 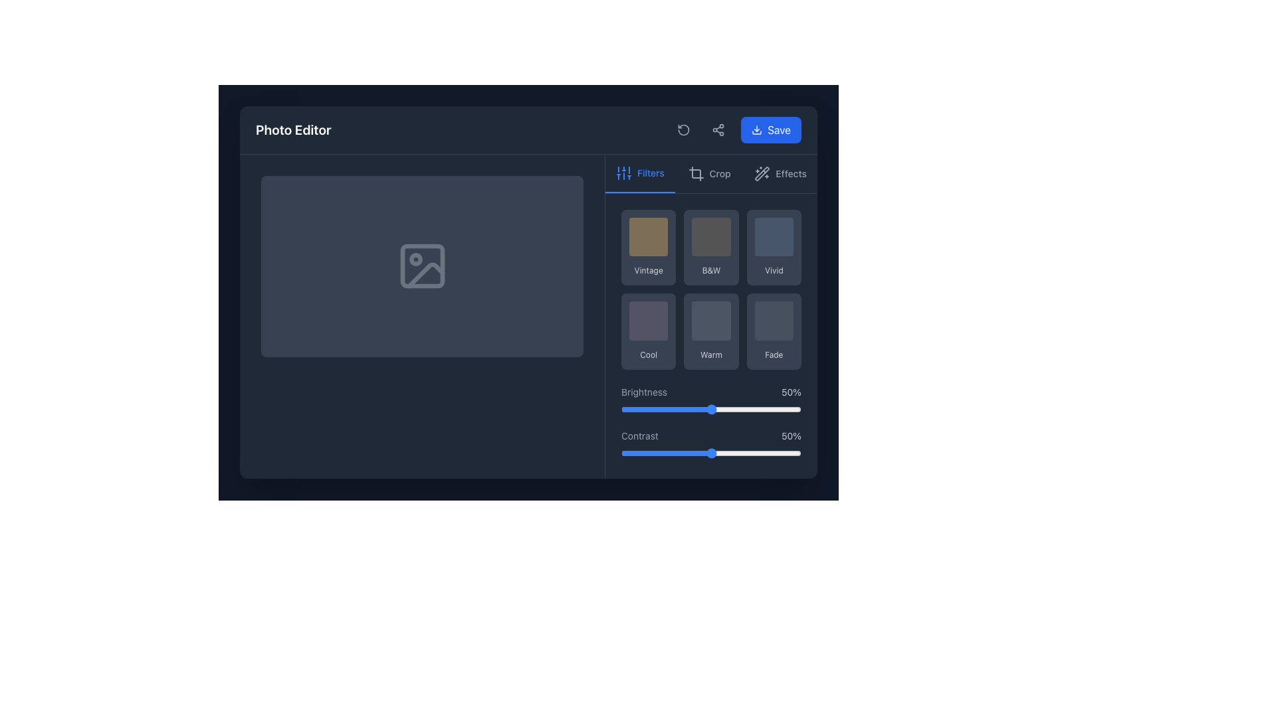 What do you see at coordinates (710, 354) in the screenshot?
I see `the label 'Warm' which is displayed in a small, sans-serif font with light gray color, located at the bottom of the second filter option in the second row of the grid` at bounding box center [710, 354].